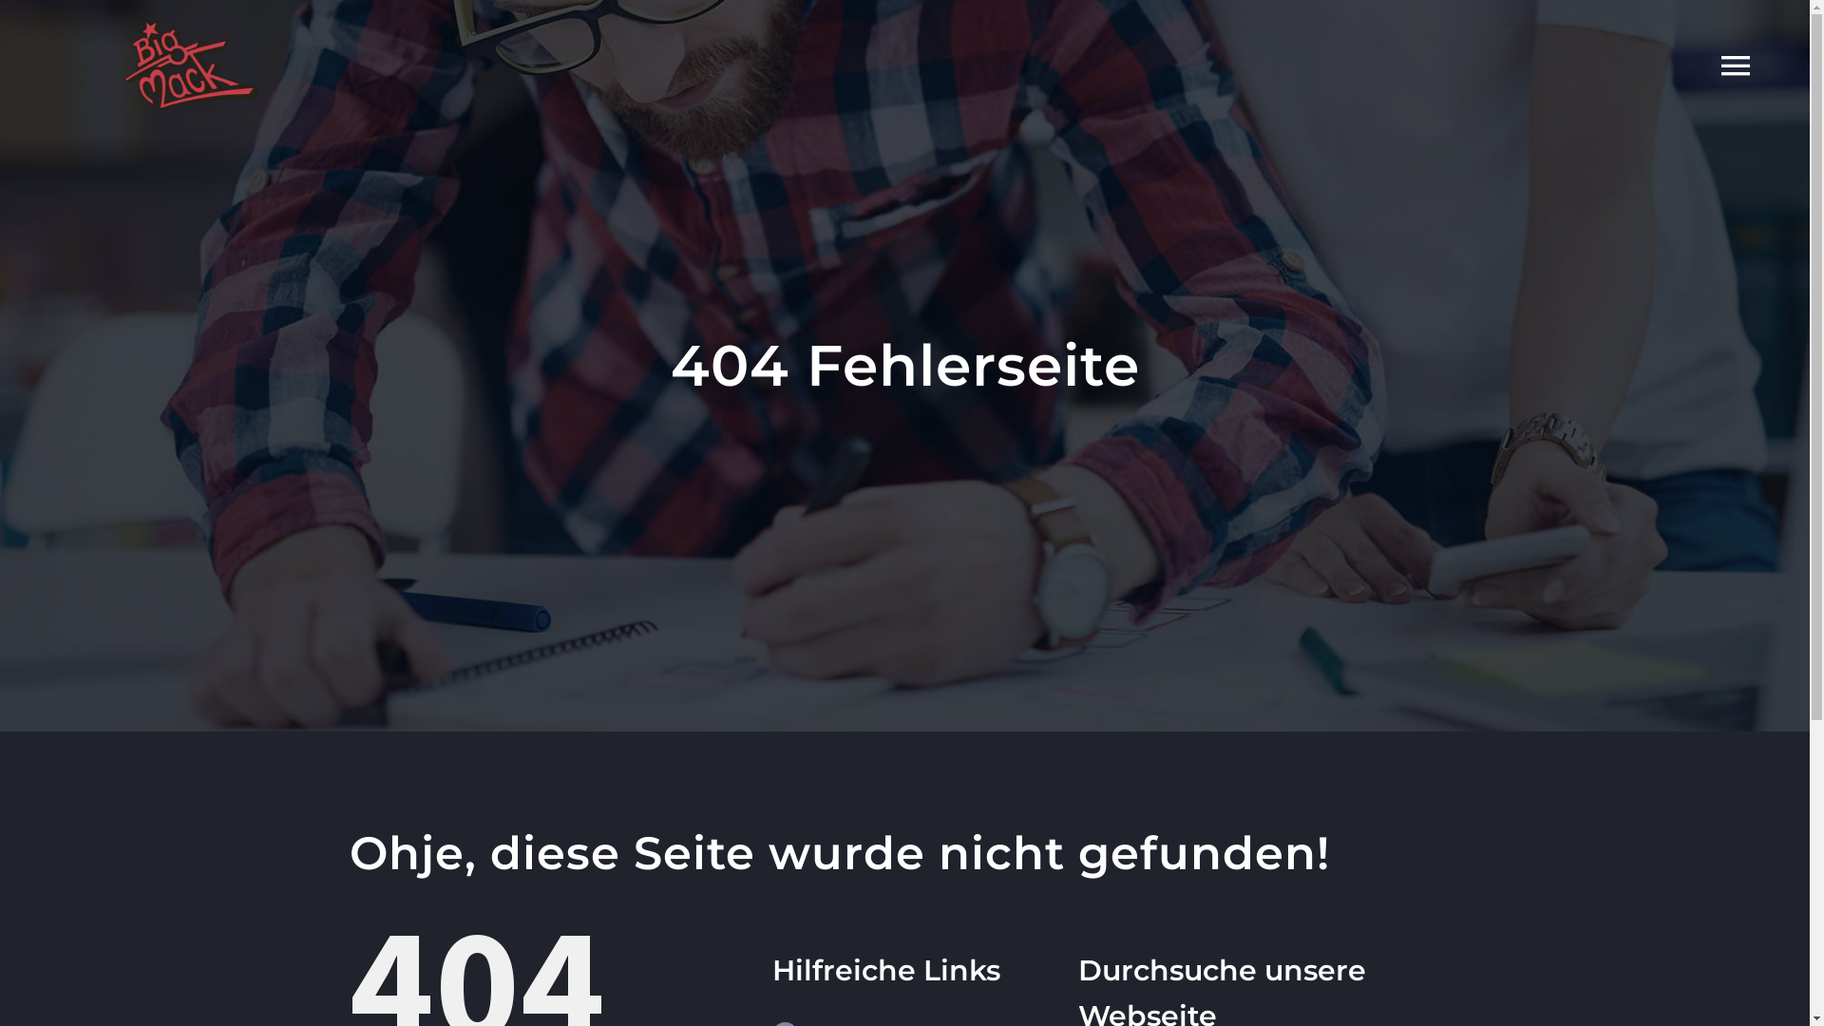  I want to click on 'BigMack_Logo_ohneSchrift', so click(191, 64).